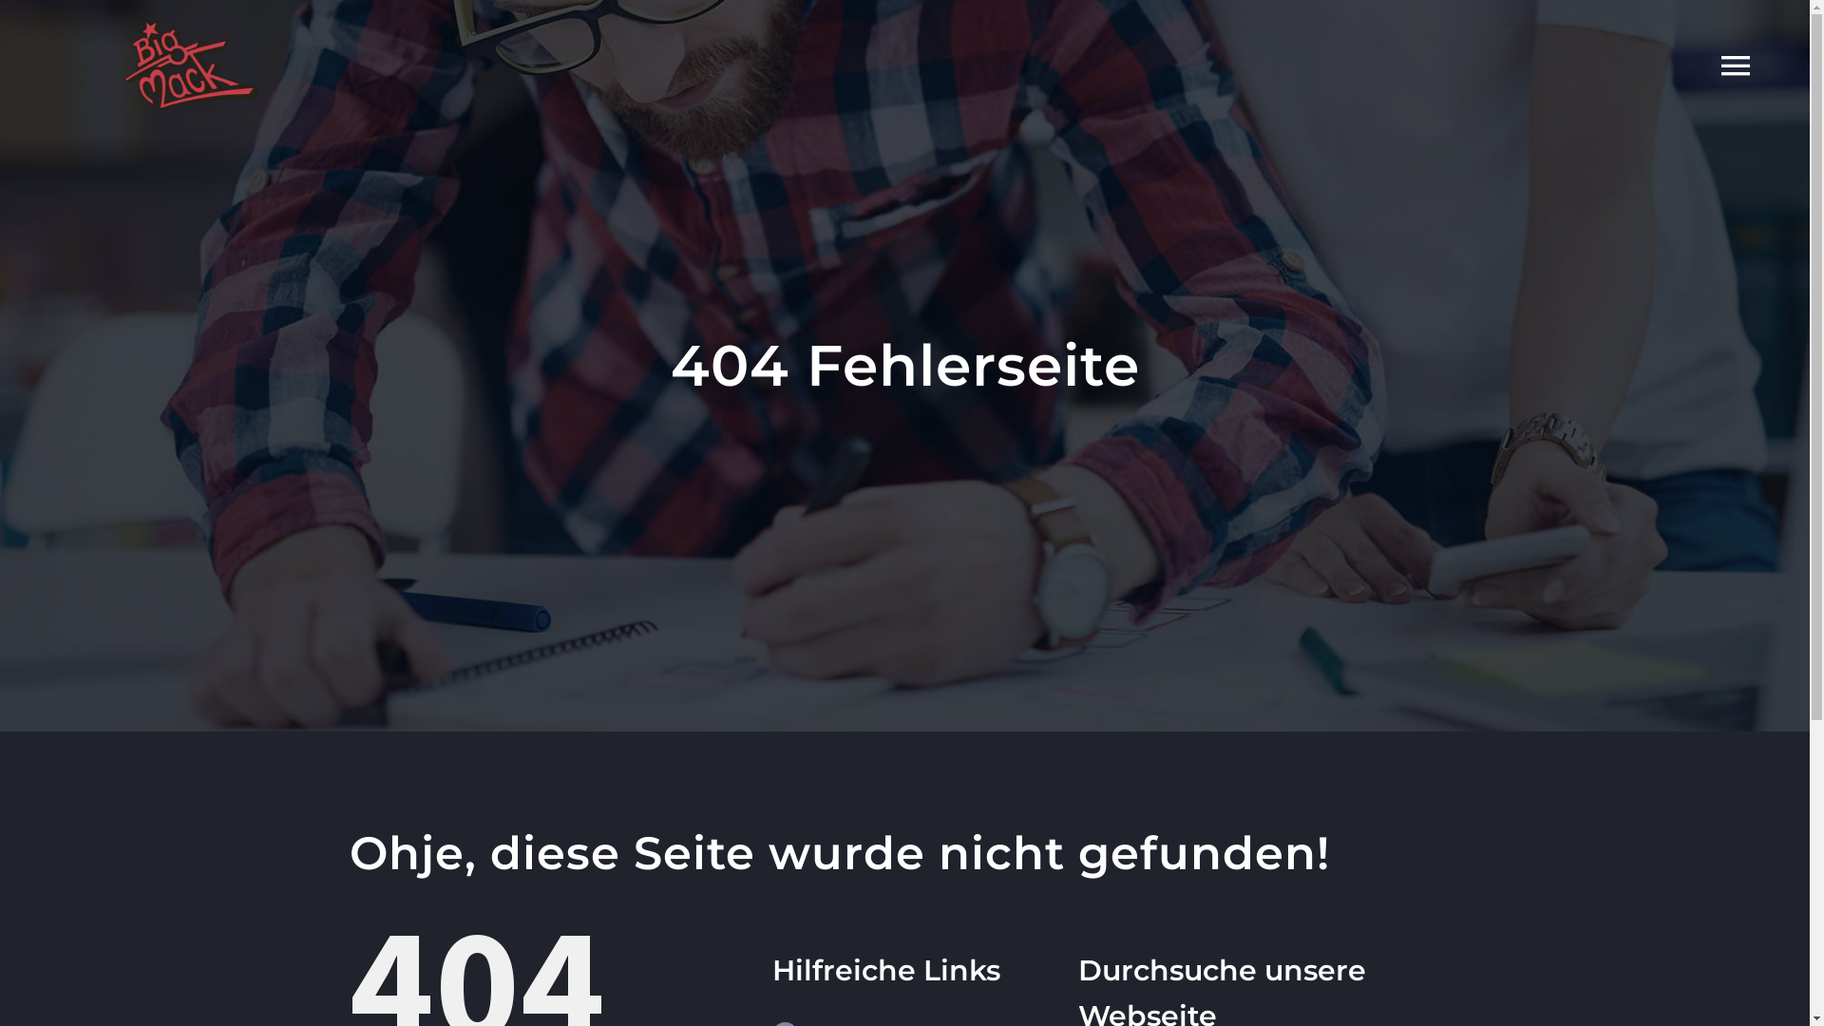  I want to click on 'BigMack_Logo_ohneSchrift', so click(191, 64).